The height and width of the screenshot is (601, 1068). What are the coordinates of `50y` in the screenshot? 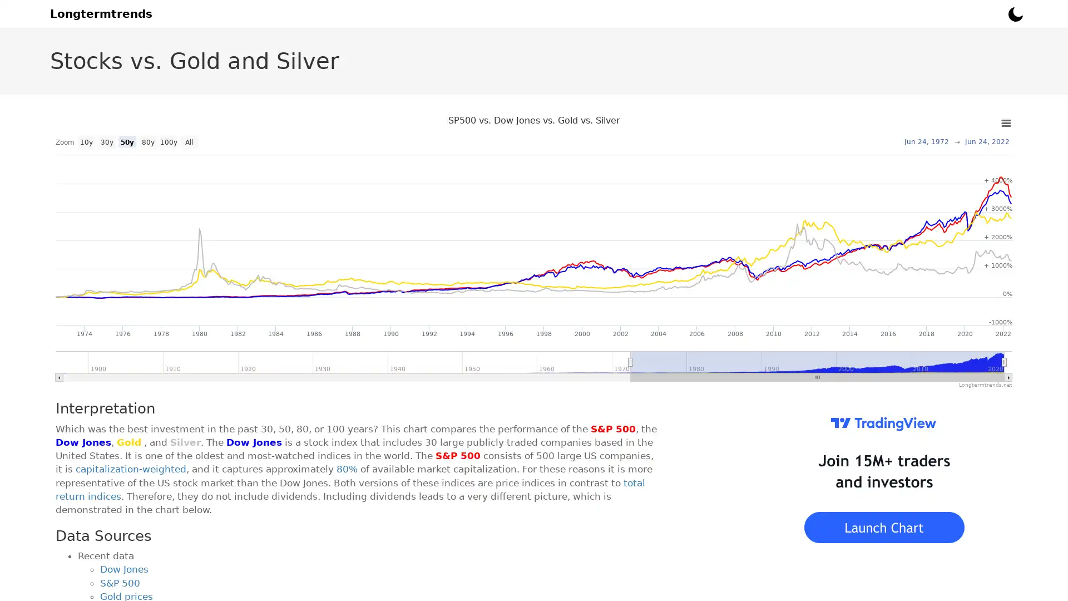 It's located at (127, 141).